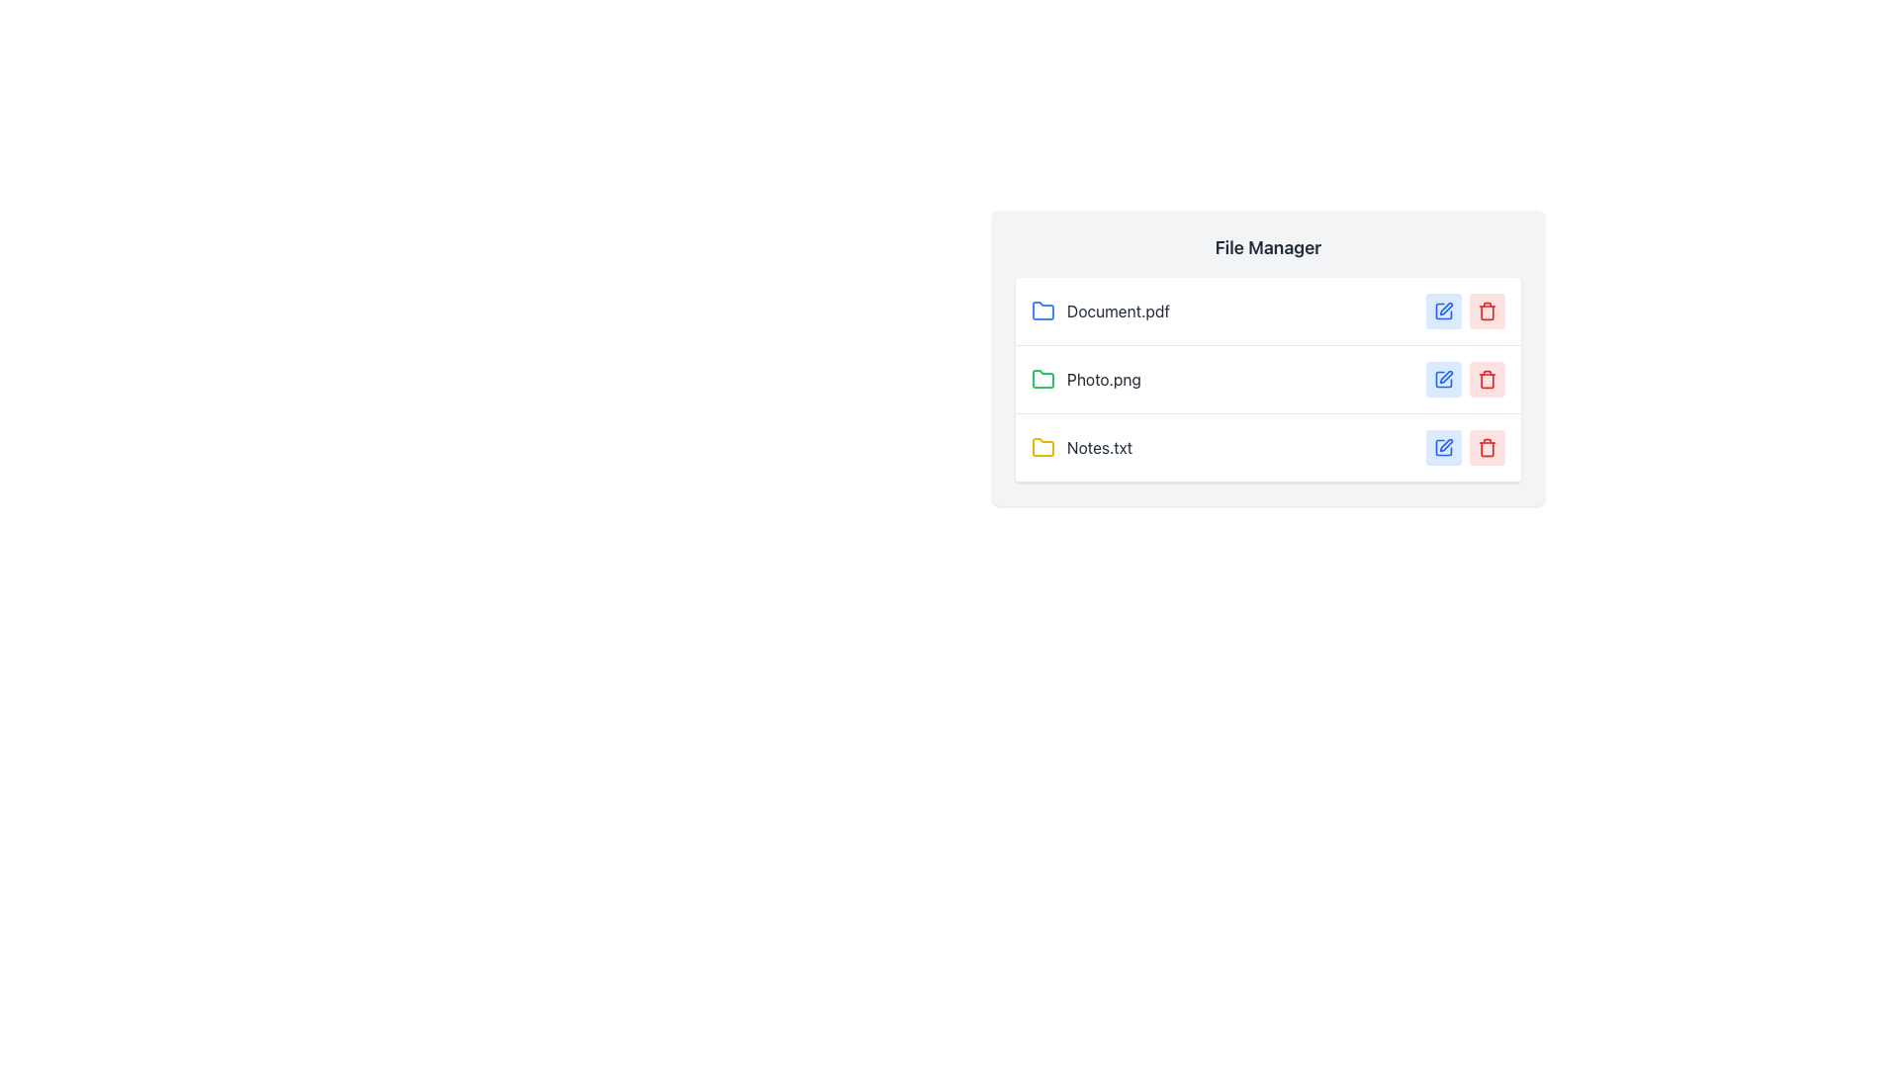 The width and height of the screenshot is (1899, 1068). I want to click on the Interactive button with a light blue background and a blue-bordered pencil icon, so click(1443, 380).